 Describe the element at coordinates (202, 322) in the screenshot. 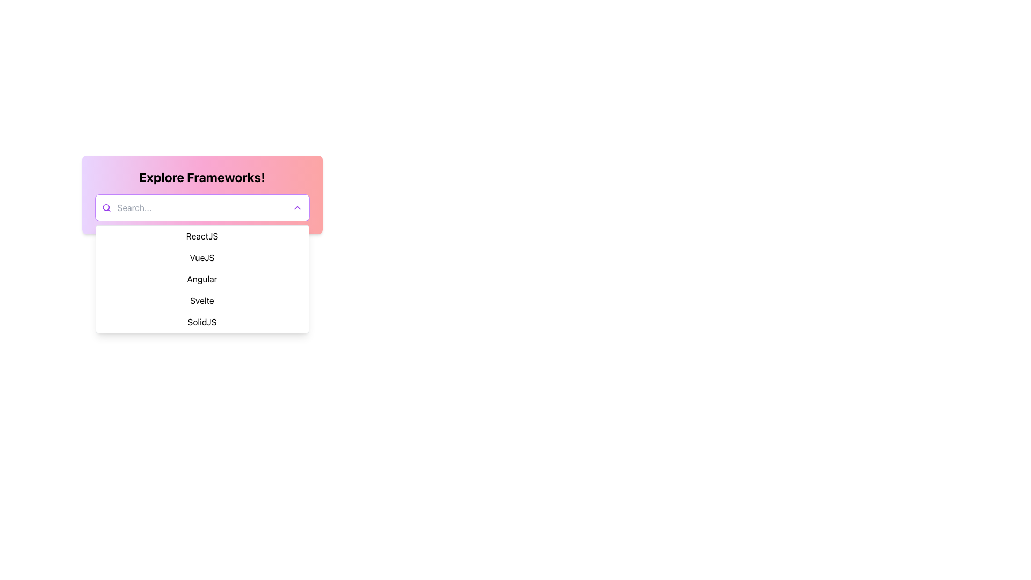

I see `'SolidJS' option in the dropdown menu, which is the fifth item below 'Svelte'` at that location.